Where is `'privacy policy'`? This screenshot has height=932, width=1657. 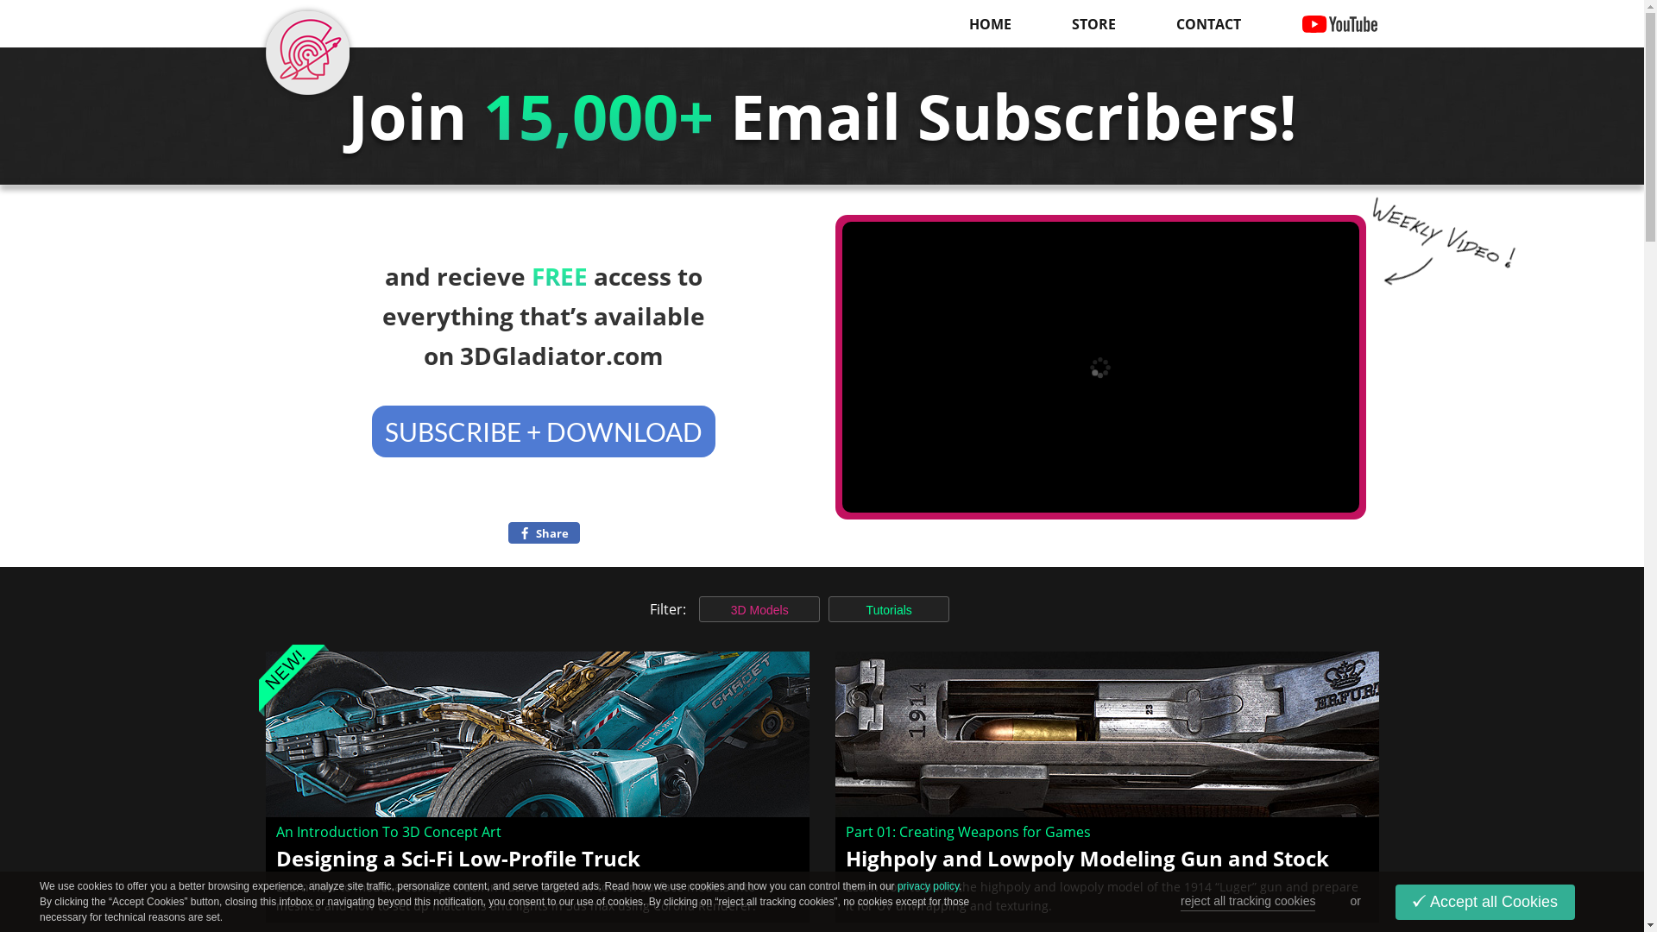 'privacy policy' is located at coordinates (927, 885).